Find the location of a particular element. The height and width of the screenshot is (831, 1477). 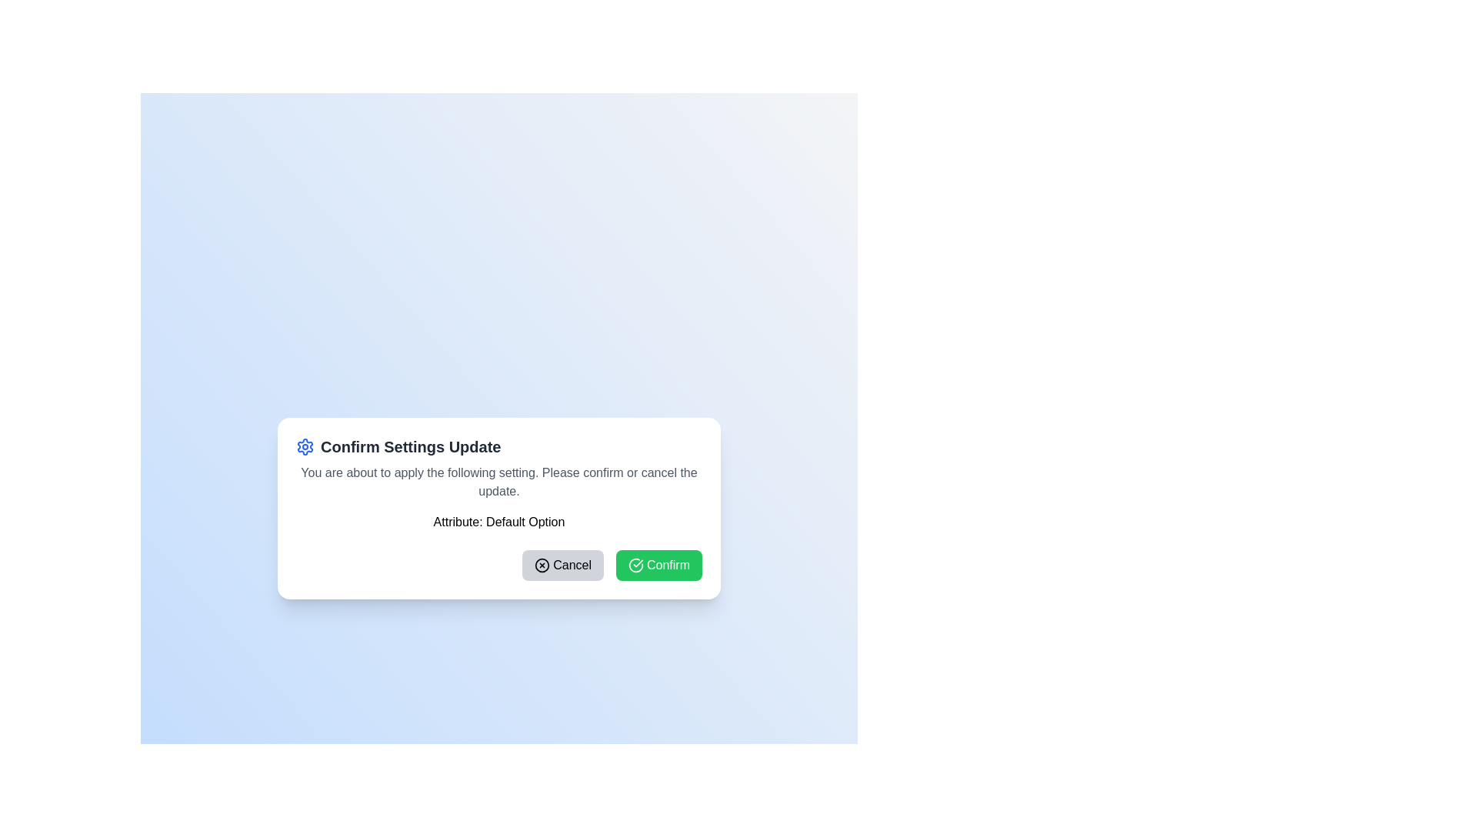

the text label within the green confirmation button located at the bottom right of the confirmation dialog box, which indicates its function to confirm an operation is located at coordinates (668, 566).